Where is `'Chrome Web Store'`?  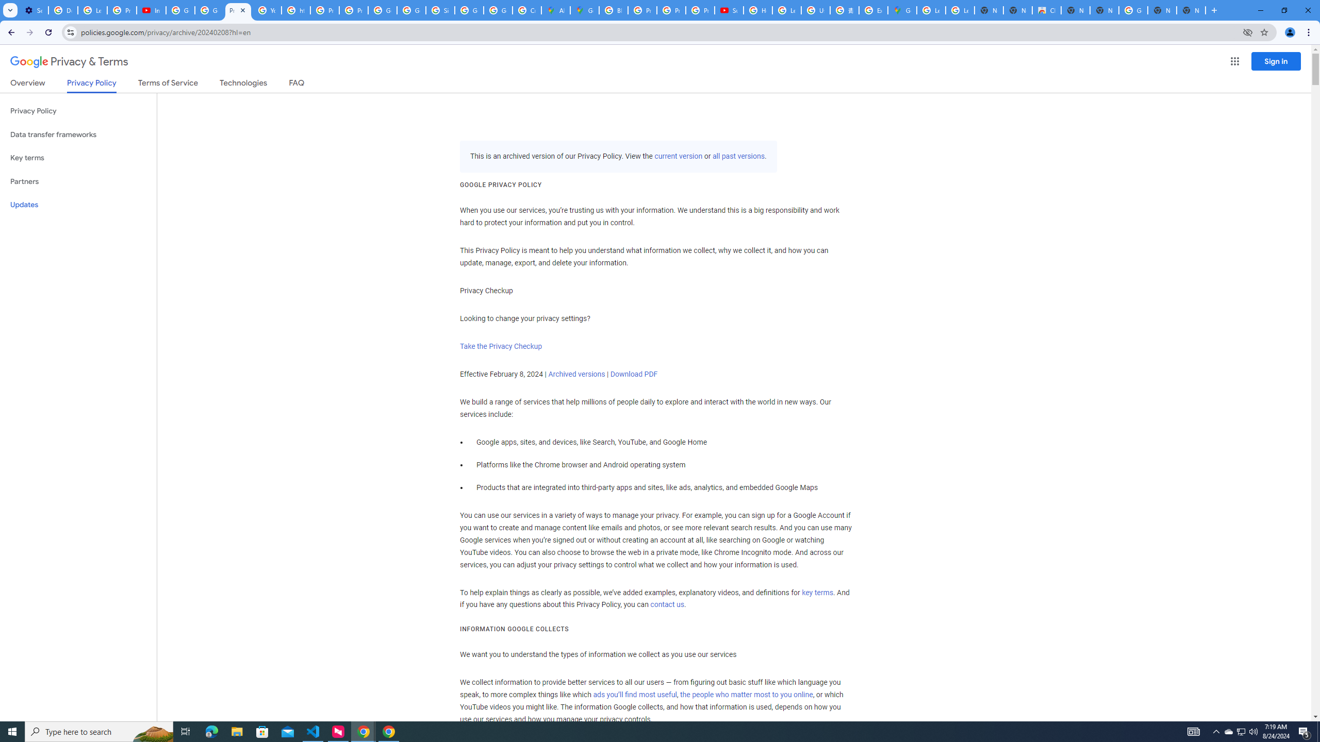 'Chrome Web Store' is located at coordinates (1047, 10).